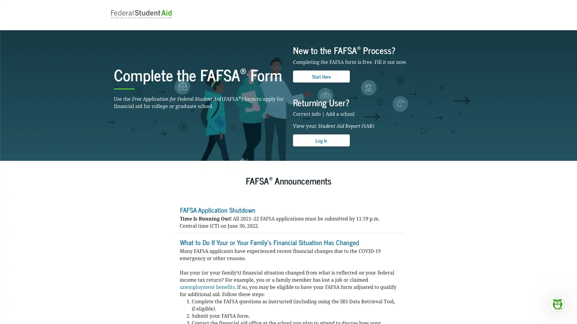 The height and width of the screenshot is (324, 577). What do you see at coordinates (217, 218) in the screenshot?
I see `FAFSA Application Shutdown` at bounding box center [217, 218].